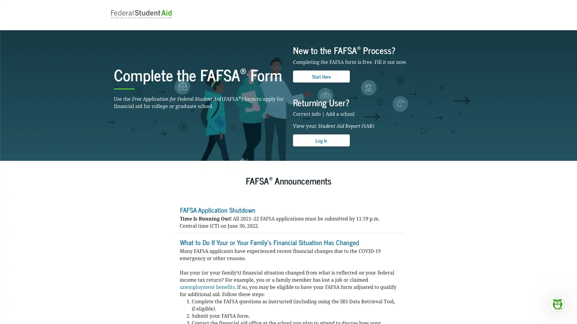 The height and width of the screenshot is (324, 577). What do you see at coordinates (217, 218) in the screenshot?
I see `FAFSA Application Shutdown` at bounding box center [217, 218].